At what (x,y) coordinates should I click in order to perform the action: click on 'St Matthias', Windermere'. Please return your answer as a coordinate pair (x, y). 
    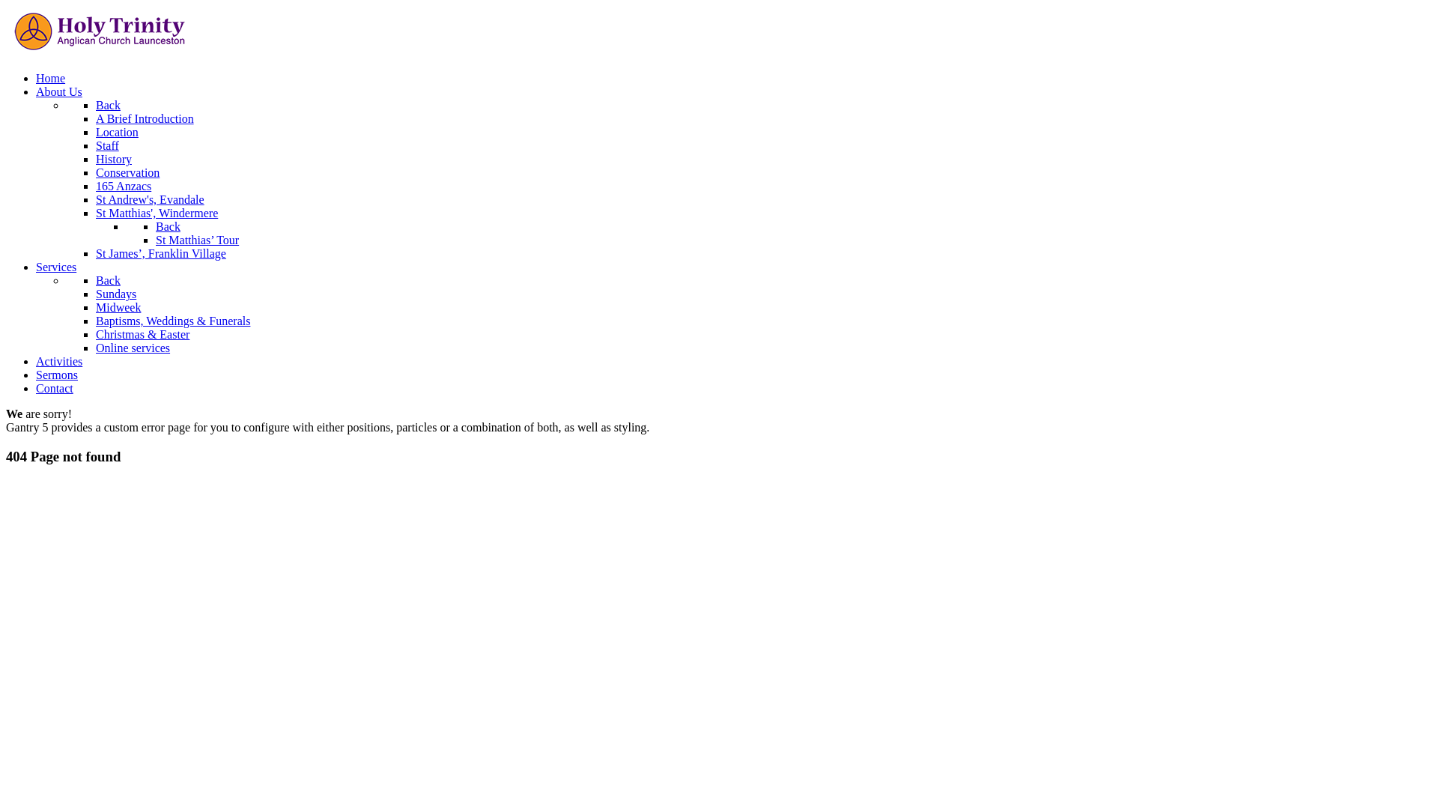
    Looking at the image, I should click on (157, 213).